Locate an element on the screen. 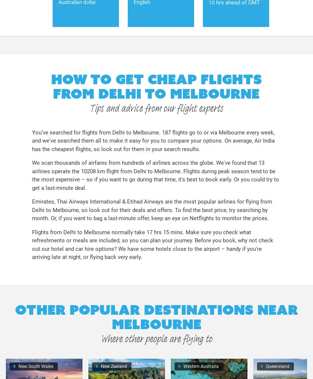 The image size is (313, 379). 'Tips and advice from our flight experts' is located at coordinates (156, 109).